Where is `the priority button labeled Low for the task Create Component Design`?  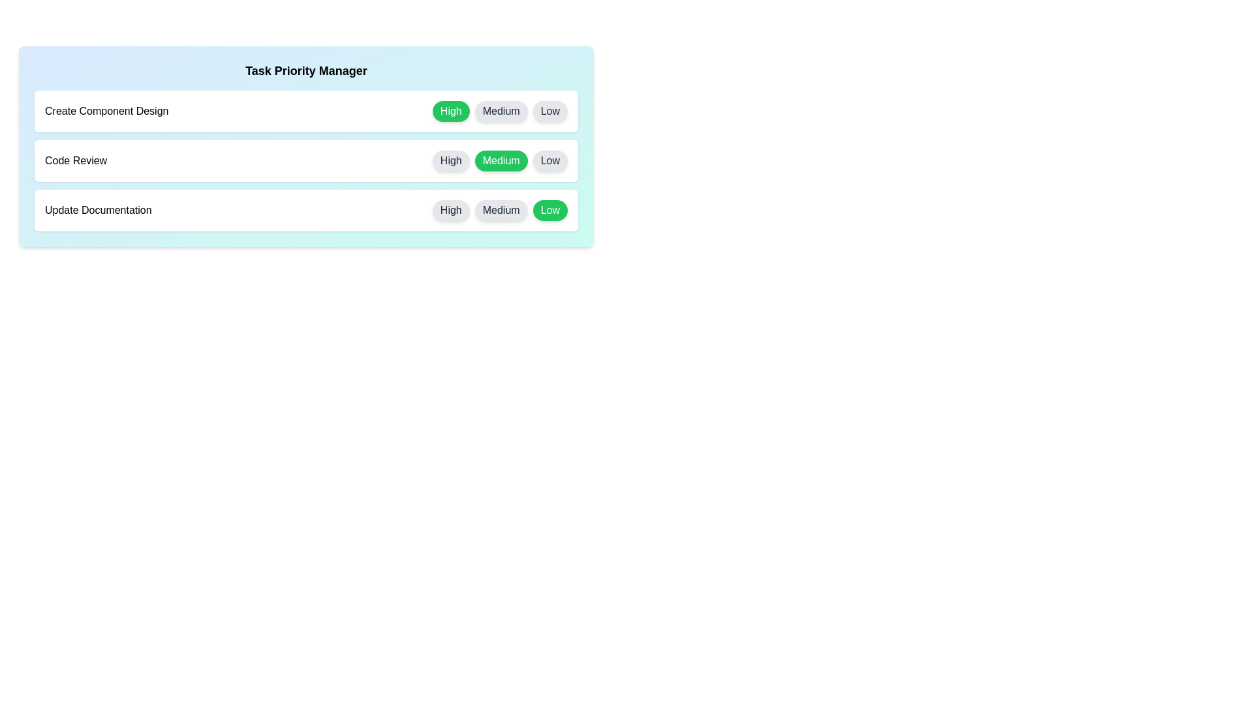 the priority button labeled Low for the task Create Component Design is located at coordinates (550, 110).